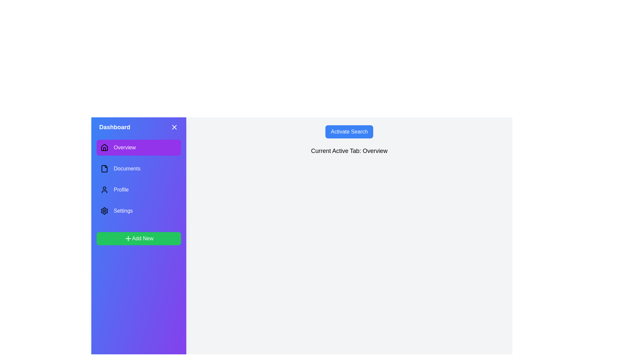 The image size is (633, 356). What do you see at coordinates (121, 190) in the screenshot?
I see `the 'Profile' text label, which is styled with 'text-white font-medium' and is the third item in the vertical menu list` at bounding box center [121, 190].